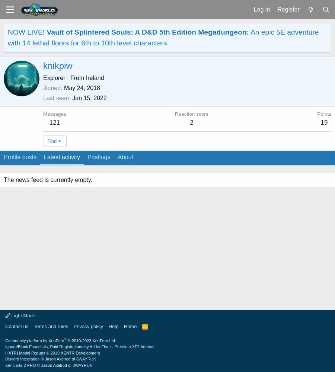  What do you see at coordinates (43, 114) in the screenshot?
I see `'Messages'` at bounding box center [43, 114].